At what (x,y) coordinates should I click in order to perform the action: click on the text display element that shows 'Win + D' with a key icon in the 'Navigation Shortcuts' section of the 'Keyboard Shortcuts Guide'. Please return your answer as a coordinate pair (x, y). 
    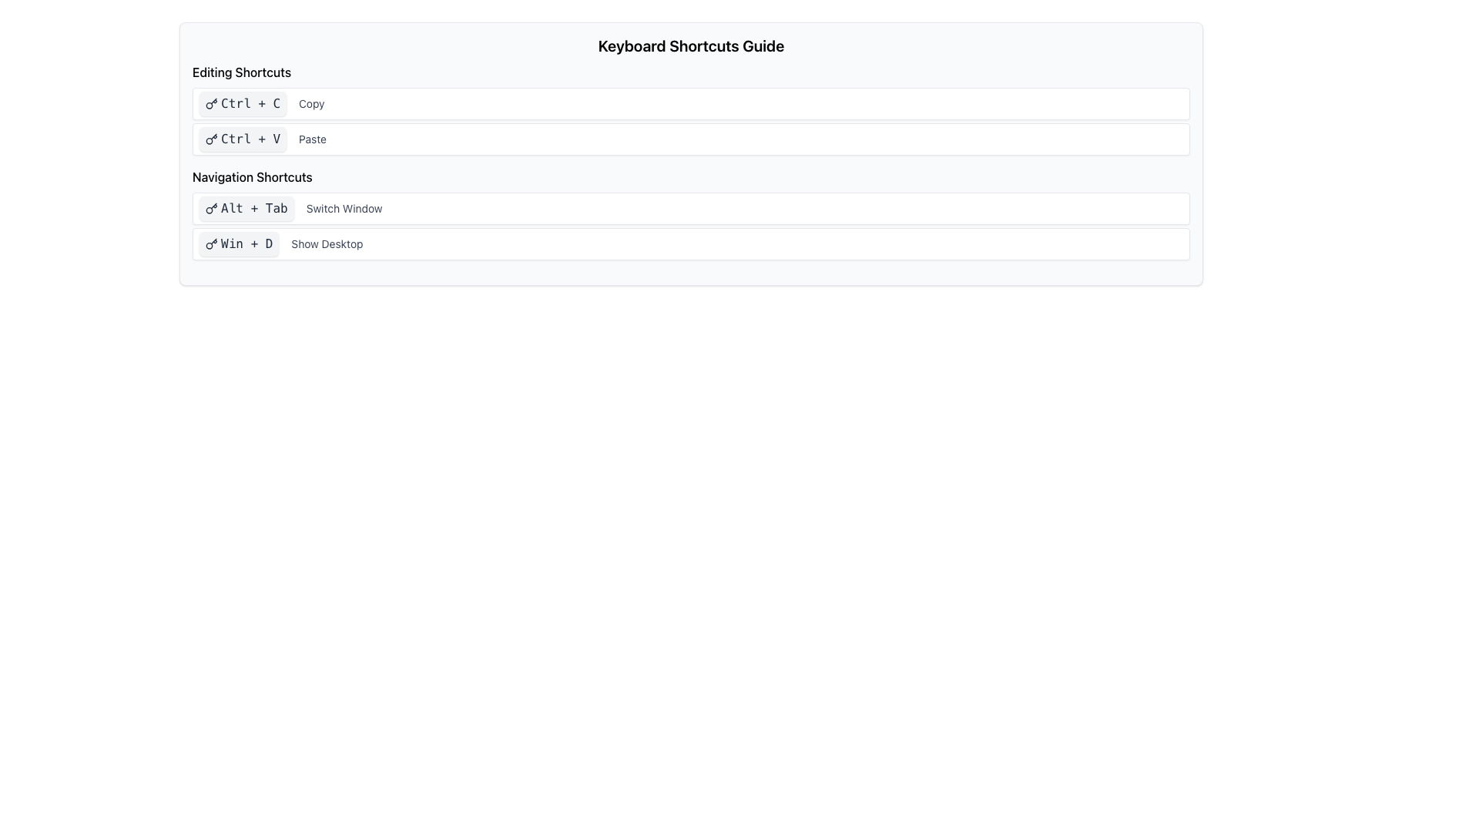
    Looking at the image, I should click on (238, 243).